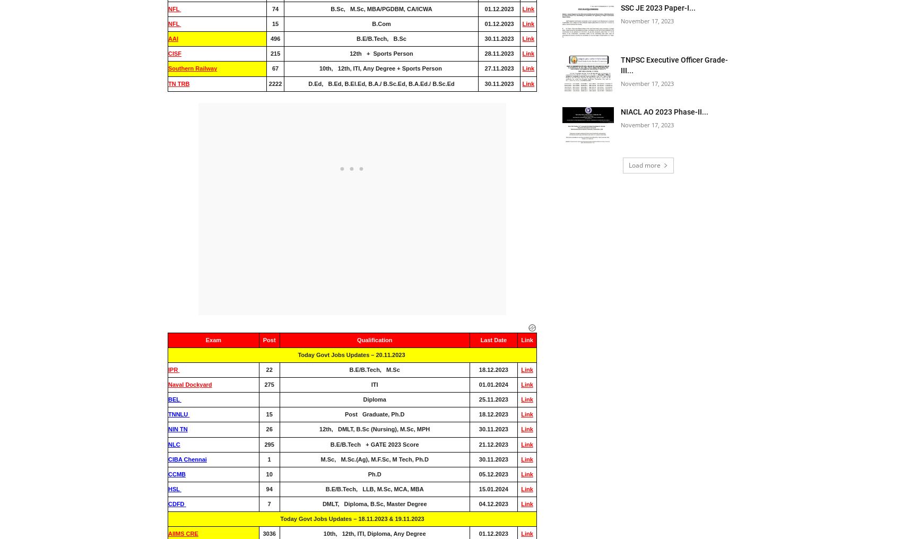  What do you see at coordinates (352, 354) in the screenshot?
I see `'Today Govt Jobs Updates – 20.11.2023'` at bounding box center [352, 354].